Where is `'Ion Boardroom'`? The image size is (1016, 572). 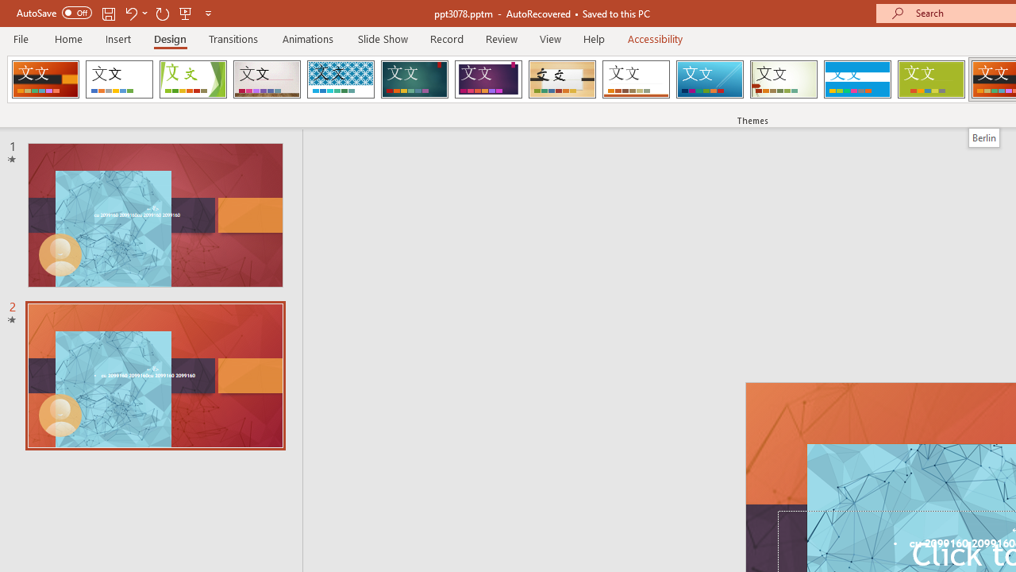 'Ion Boardroom' is located at coordinates (487, 79).